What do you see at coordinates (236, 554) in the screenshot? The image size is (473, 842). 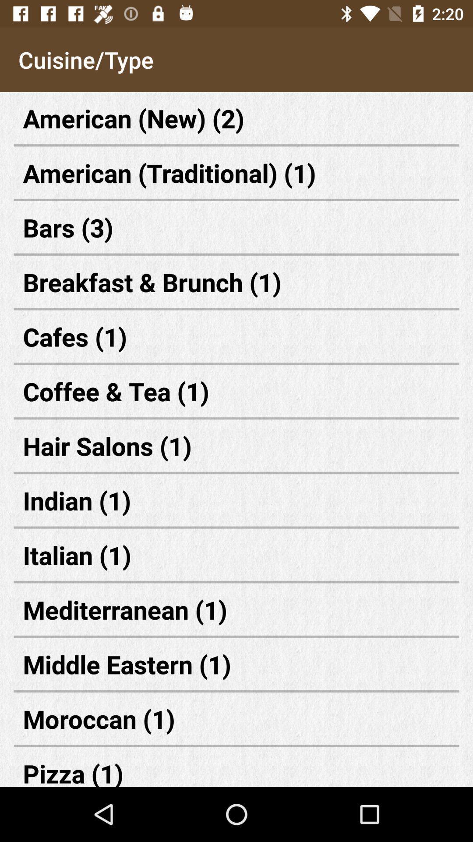 I see `the italian (1)` at bounding box center [236, 554].